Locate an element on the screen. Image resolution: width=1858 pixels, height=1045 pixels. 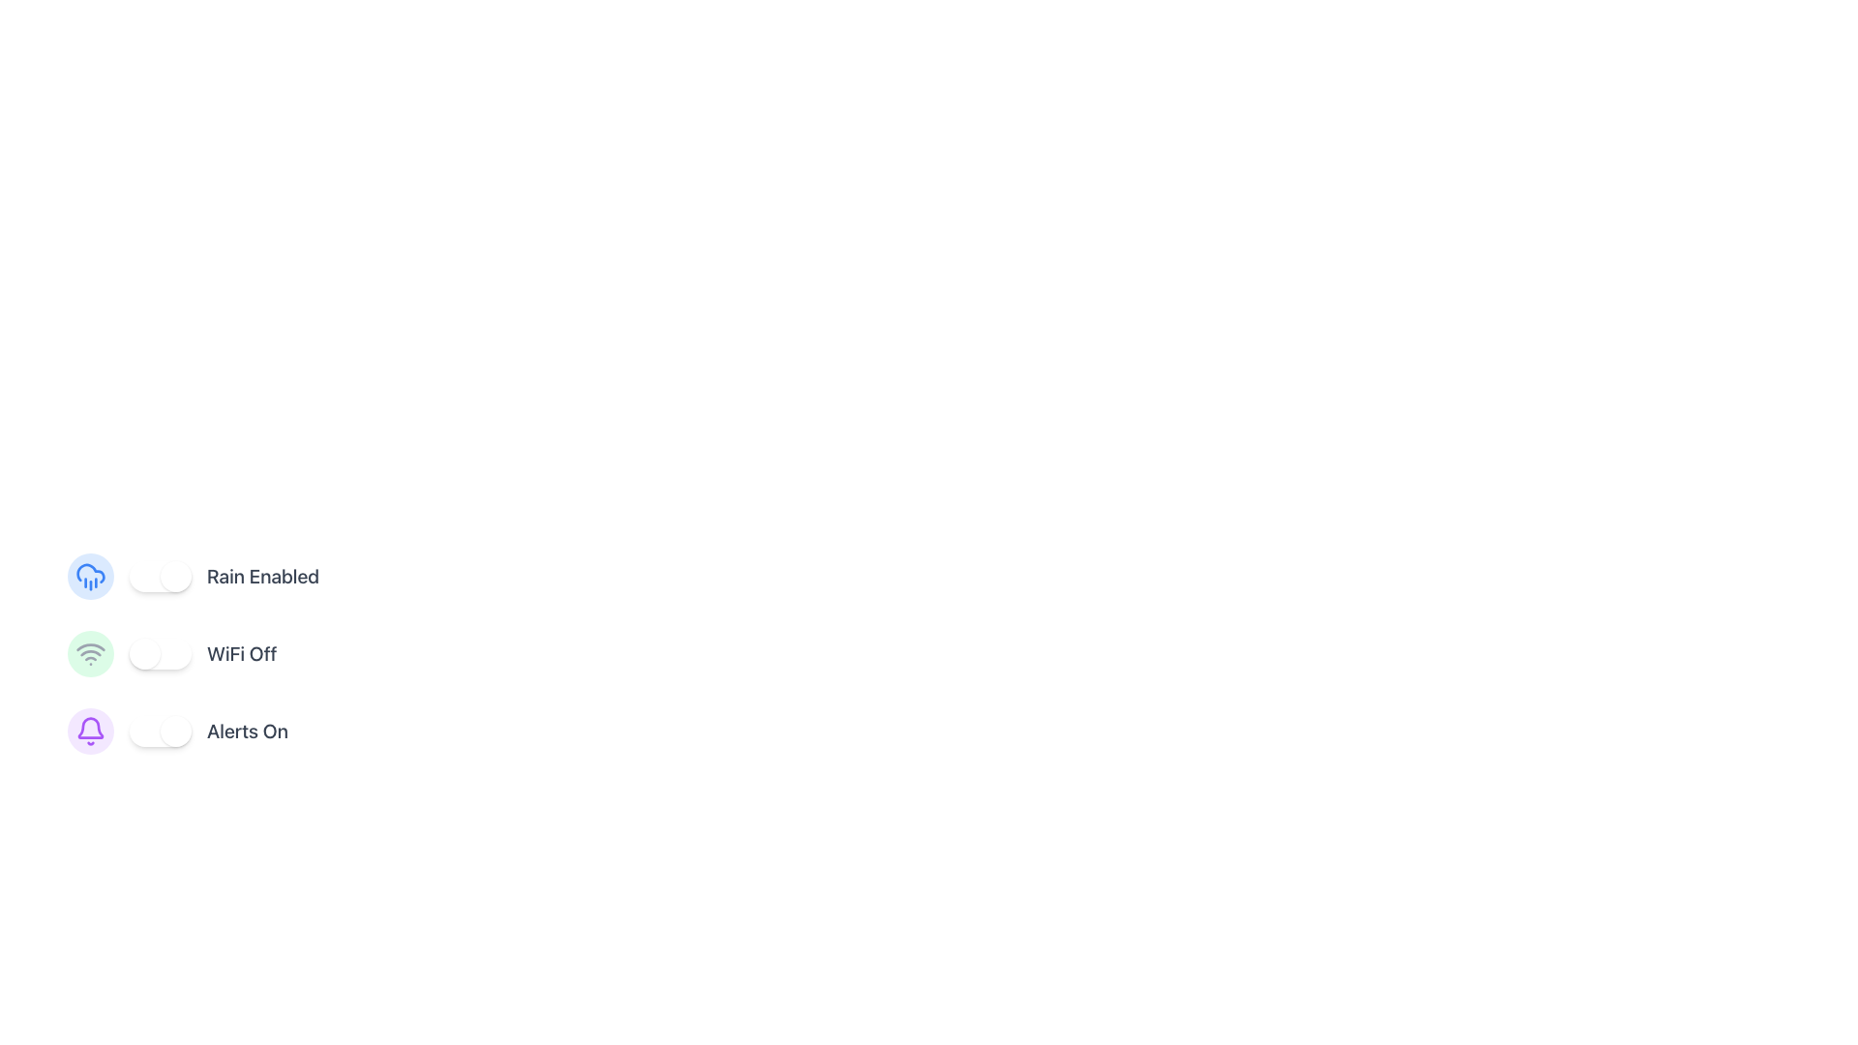
the alert icon located inside the circular button, which is positioned to the left of the 'Alerts On' toggle switch is located at coordinates (90, 731).